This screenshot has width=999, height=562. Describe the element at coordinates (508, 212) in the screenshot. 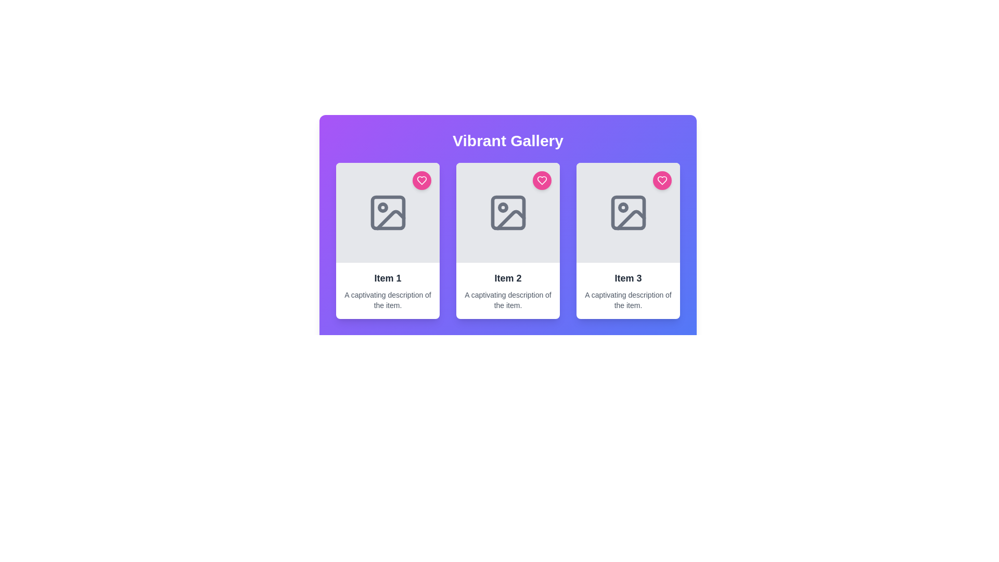

I see `the Image placeholder (SVG icon) located in the center card under the title 'Vibrant Gallery'` at that location.